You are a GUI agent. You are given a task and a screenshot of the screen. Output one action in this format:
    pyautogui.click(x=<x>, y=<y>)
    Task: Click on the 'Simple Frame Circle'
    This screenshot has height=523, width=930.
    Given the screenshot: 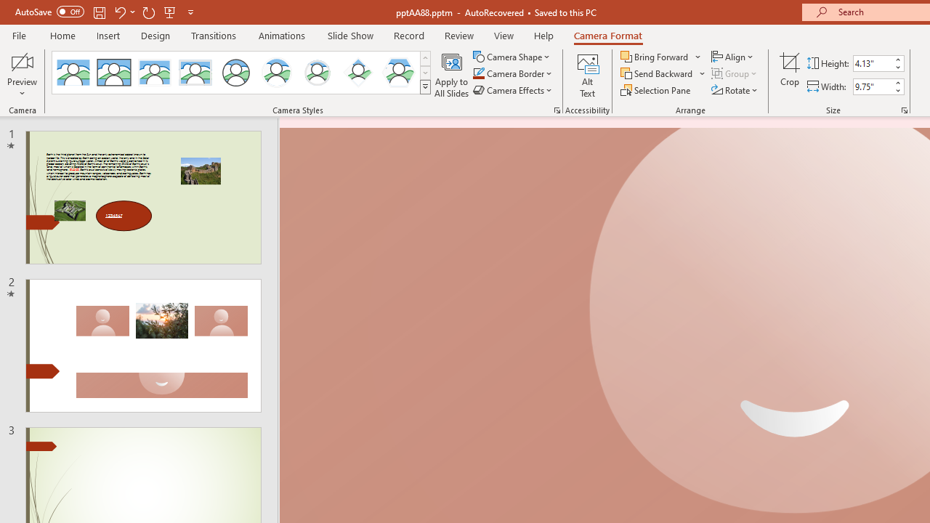 What is the action you would take?
    pyautogui.click(x=236, y=73)
    